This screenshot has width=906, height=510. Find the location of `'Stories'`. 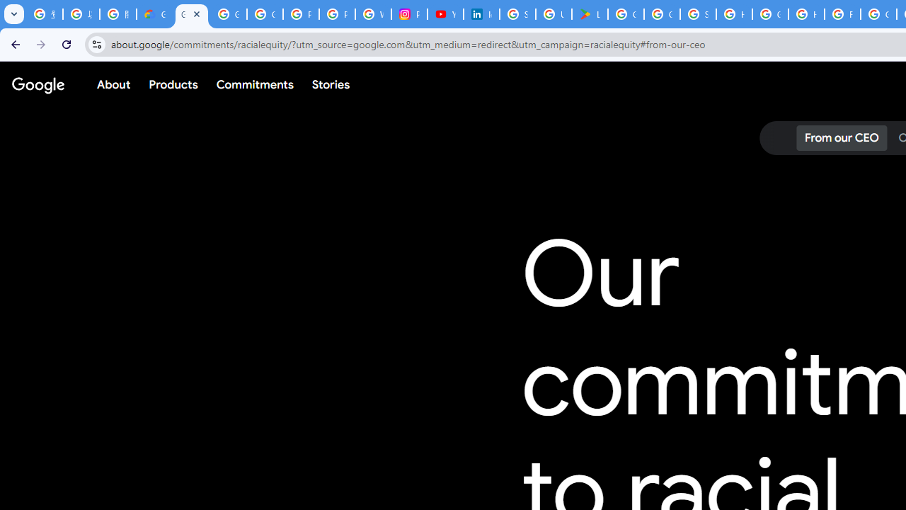

'Stories' is located at coordinates (330, 84).